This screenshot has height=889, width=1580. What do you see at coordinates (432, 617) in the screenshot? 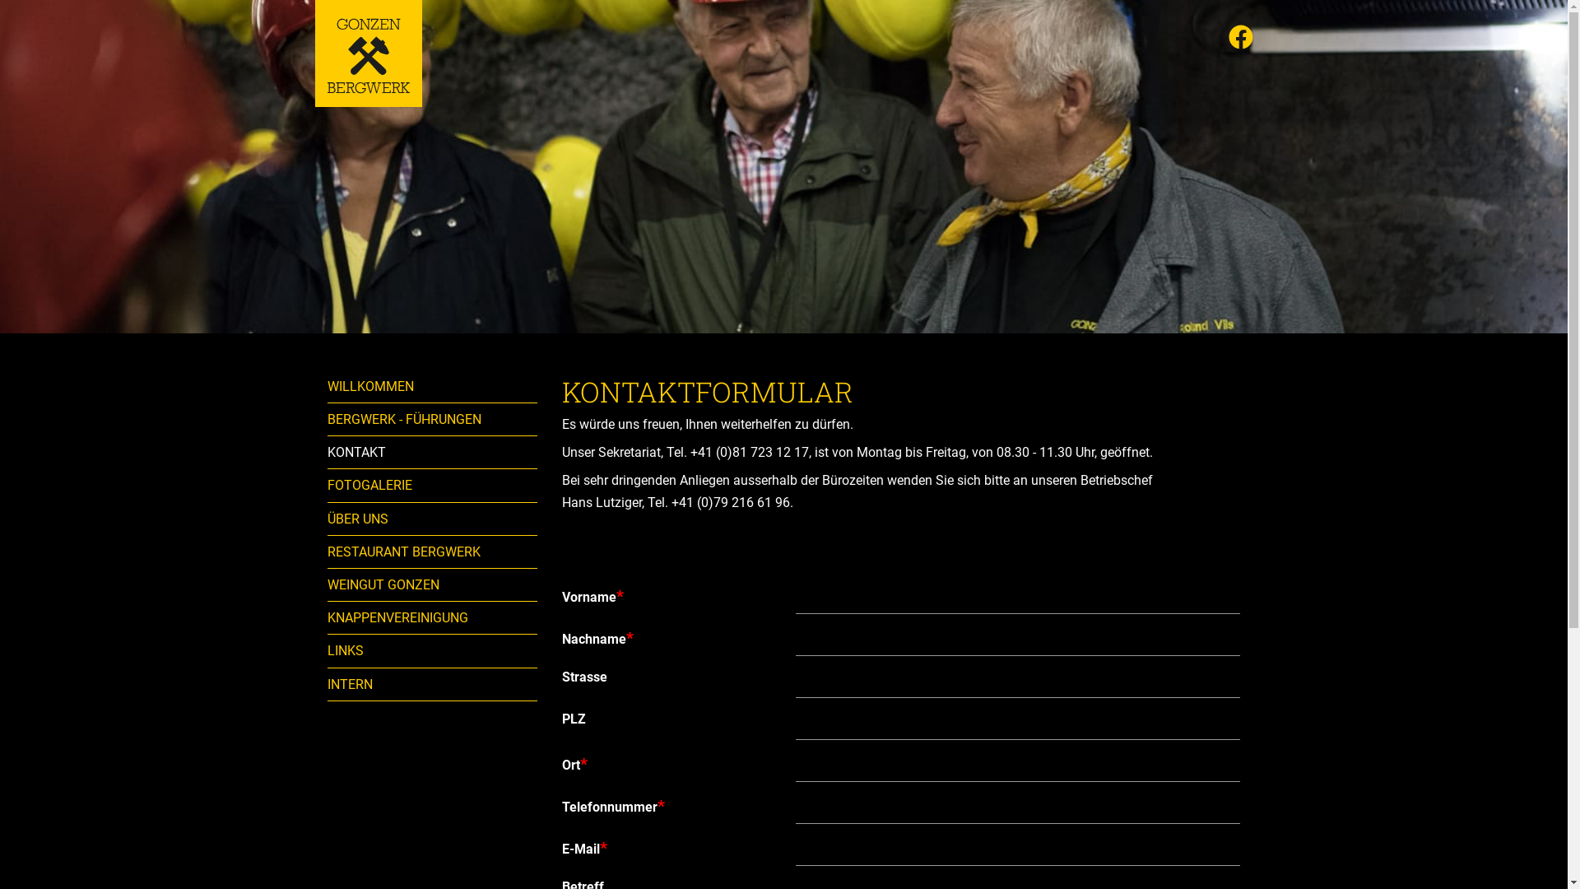
I see `'KNAPPENVEREINIGUNG'` at bounding box center [432, 617].